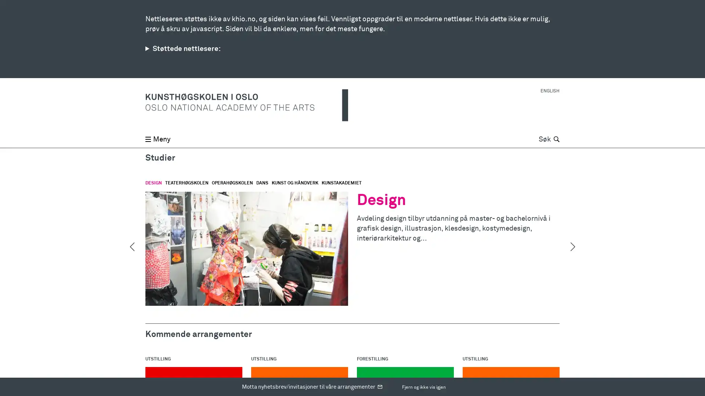 The height and width of the screenshot is (396, 705). What do you see at coordinates (341, 183) in the screenshot?
I see `KUNSTAKADEMIET` at bounding box center [341, 183].